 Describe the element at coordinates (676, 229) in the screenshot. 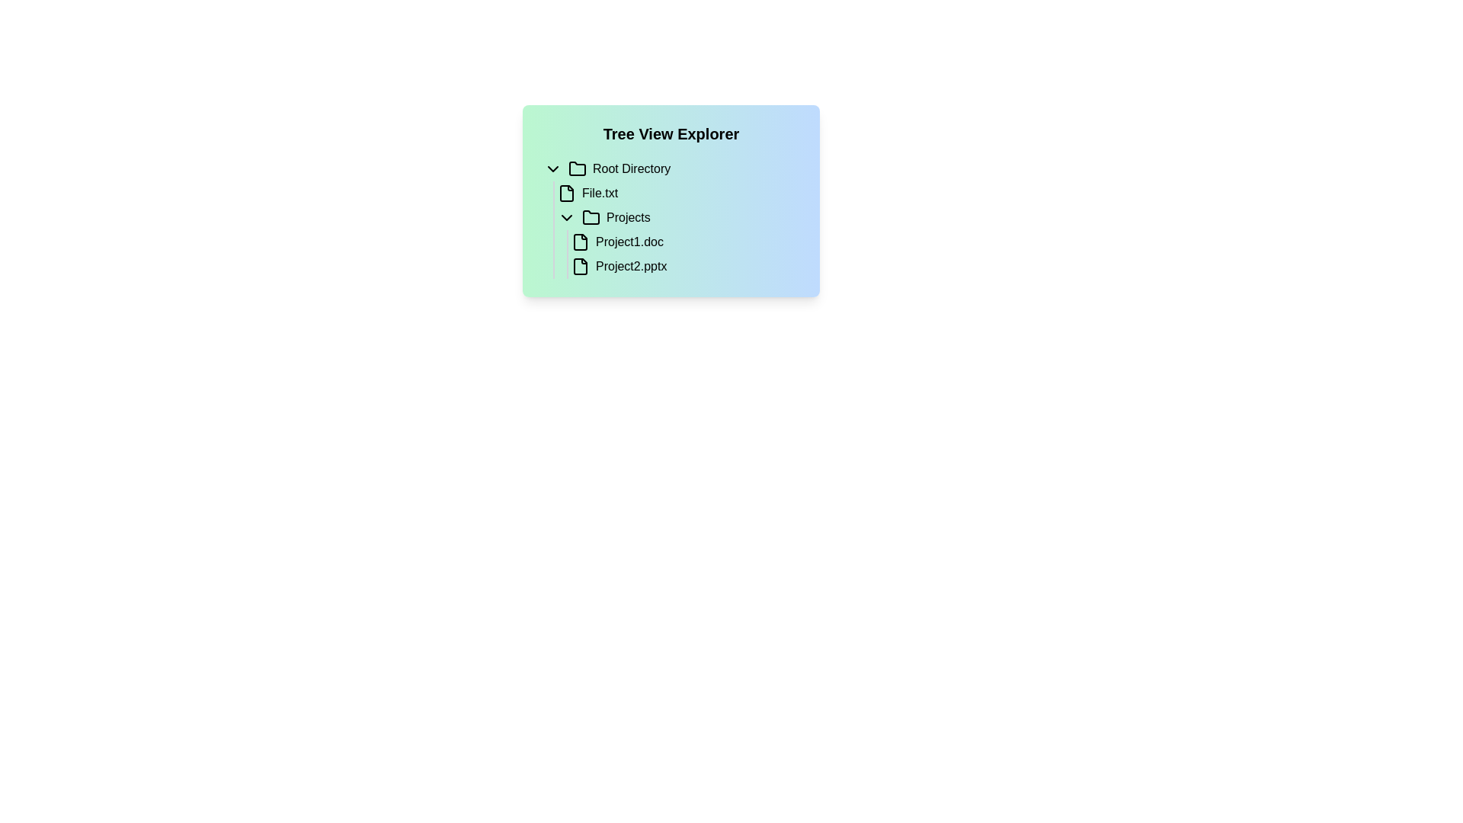

I see `the 'Projects' folder in the directory tree view` at that location.